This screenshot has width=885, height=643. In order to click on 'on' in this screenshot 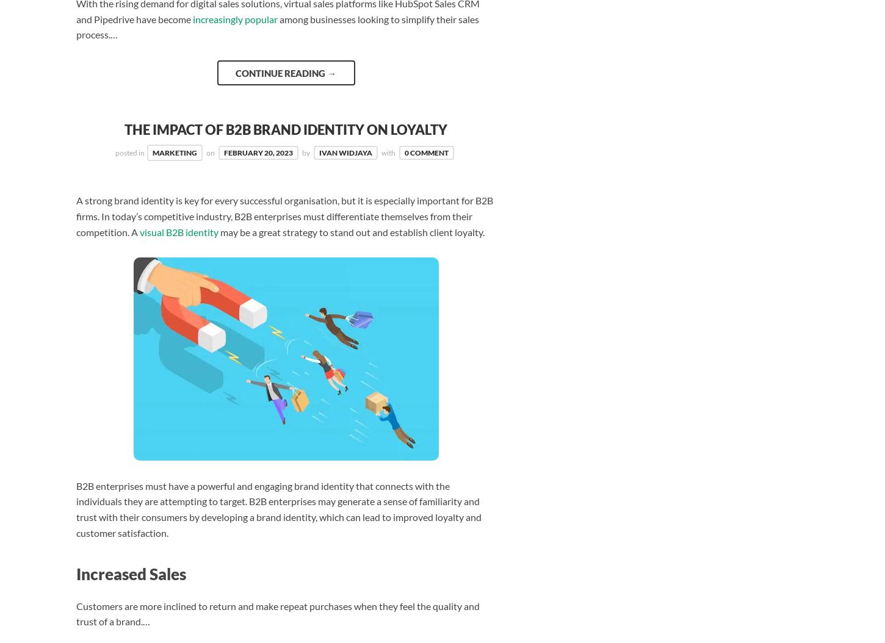, I will do `click(211, 153)`.